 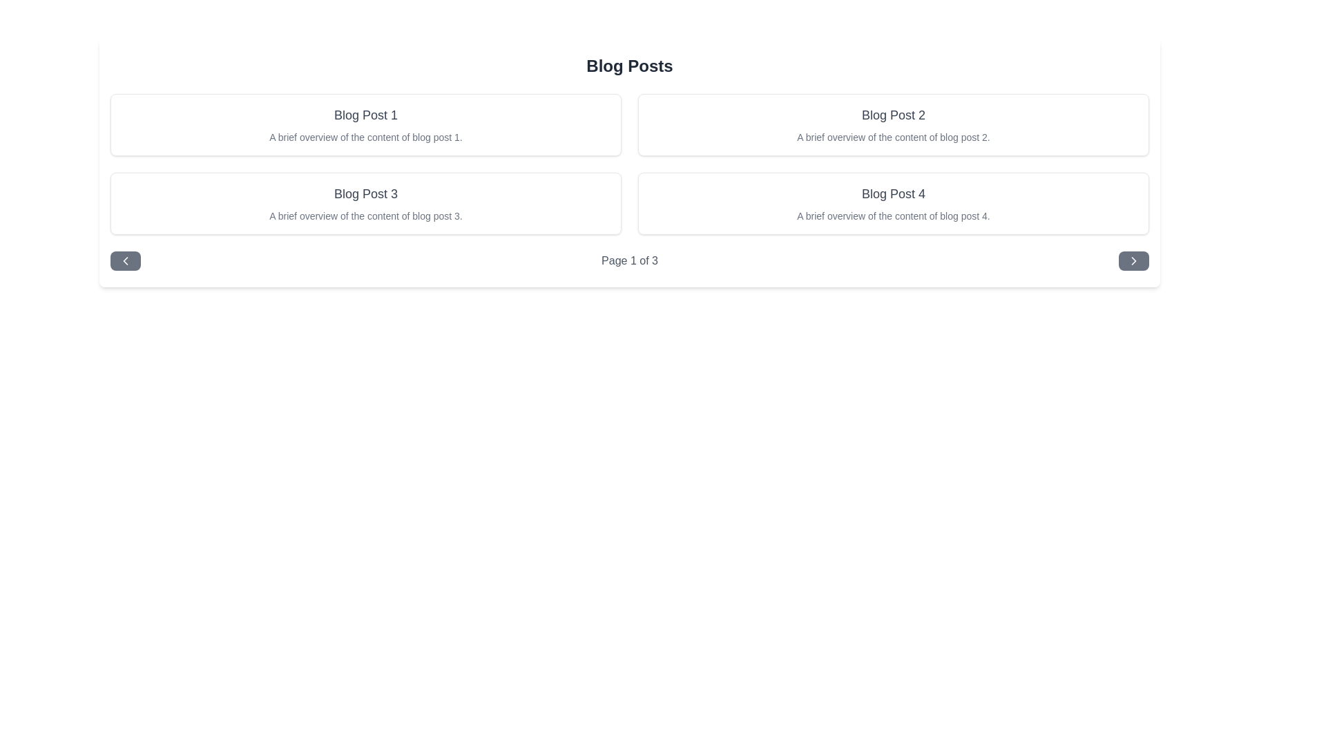 I want to click on the pagination control icon located at the top-right area of the button with a dark gray background and rounded edges to move to the next page of items, so click(x=1133, y=261).